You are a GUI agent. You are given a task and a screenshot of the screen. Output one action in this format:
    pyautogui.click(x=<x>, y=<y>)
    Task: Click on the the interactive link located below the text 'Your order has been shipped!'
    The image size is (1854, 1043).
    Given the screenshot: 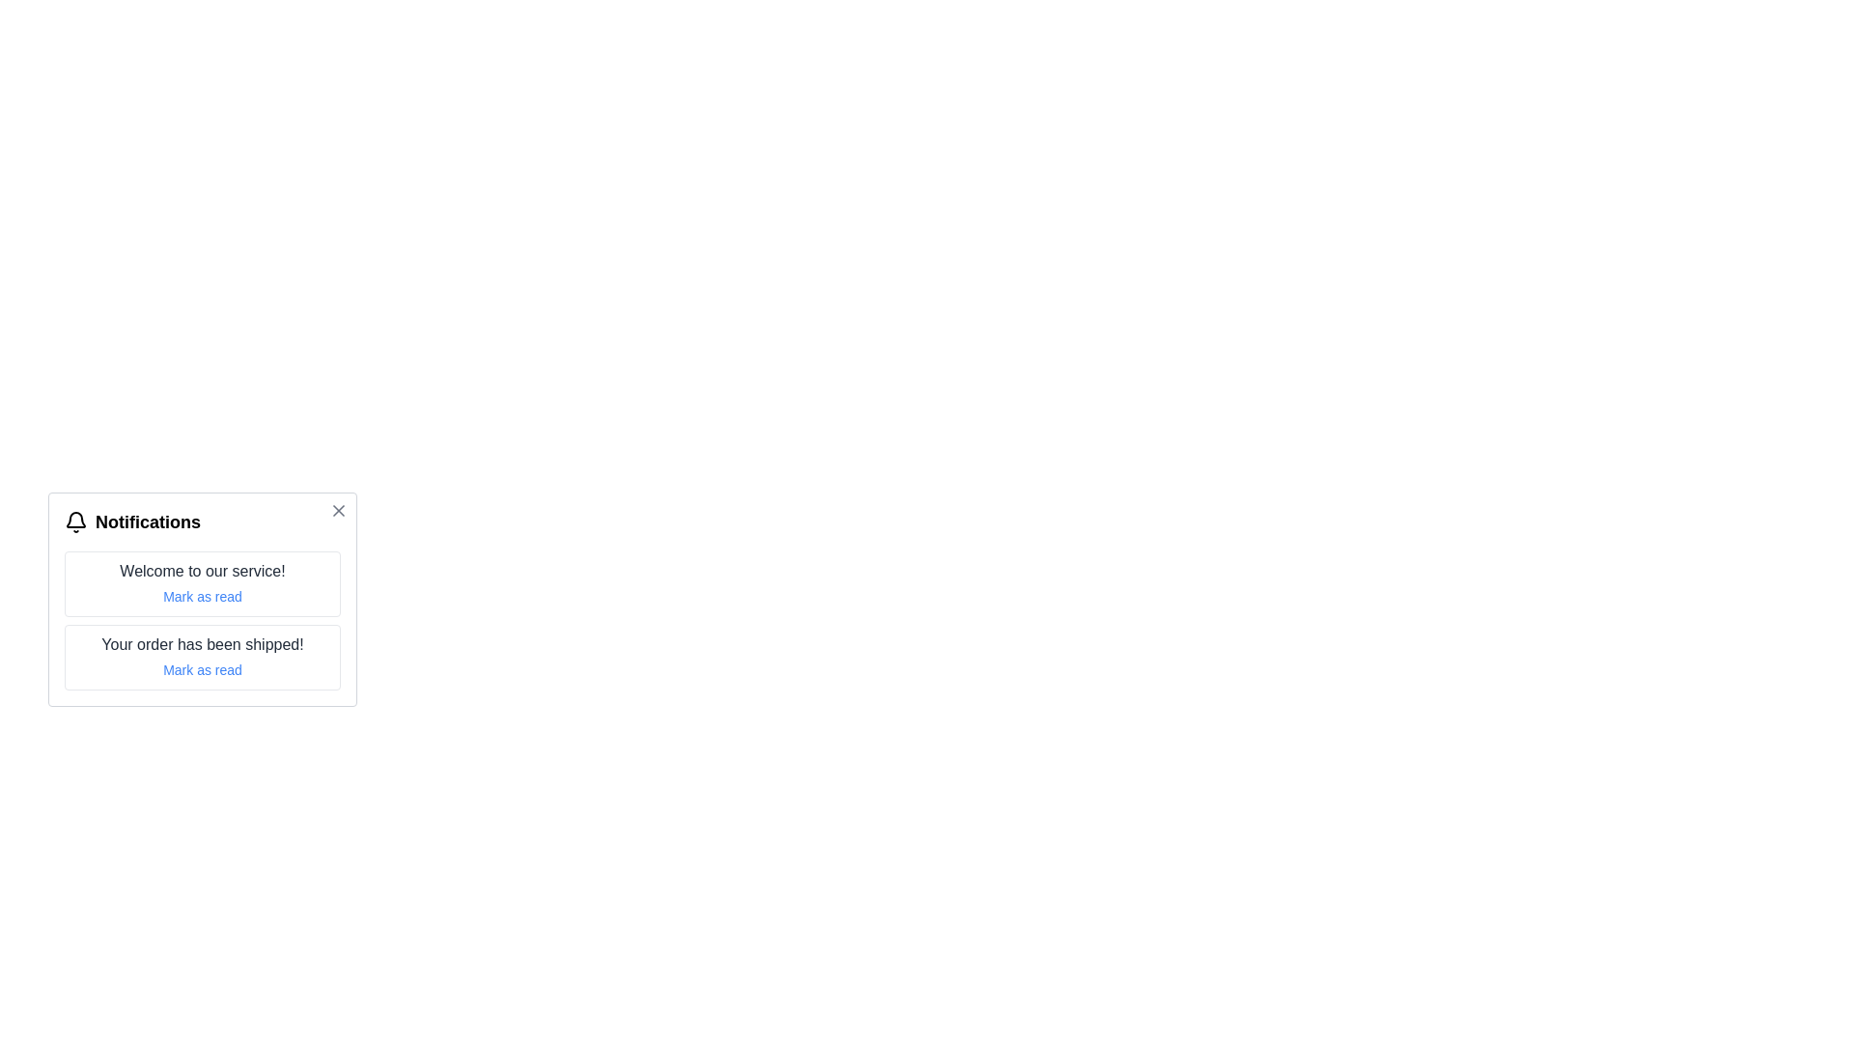 What is the action you would take?
    pyautogui.click(x=203, y=669)
    